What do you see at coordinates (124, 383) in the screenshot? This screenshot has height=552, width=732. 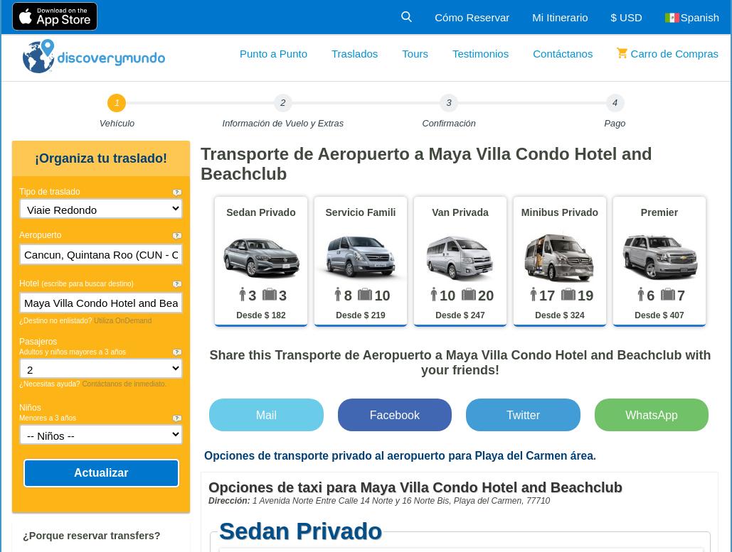 I see `'Contáctanos de inmediato.'` at bounding box center [124, 383].